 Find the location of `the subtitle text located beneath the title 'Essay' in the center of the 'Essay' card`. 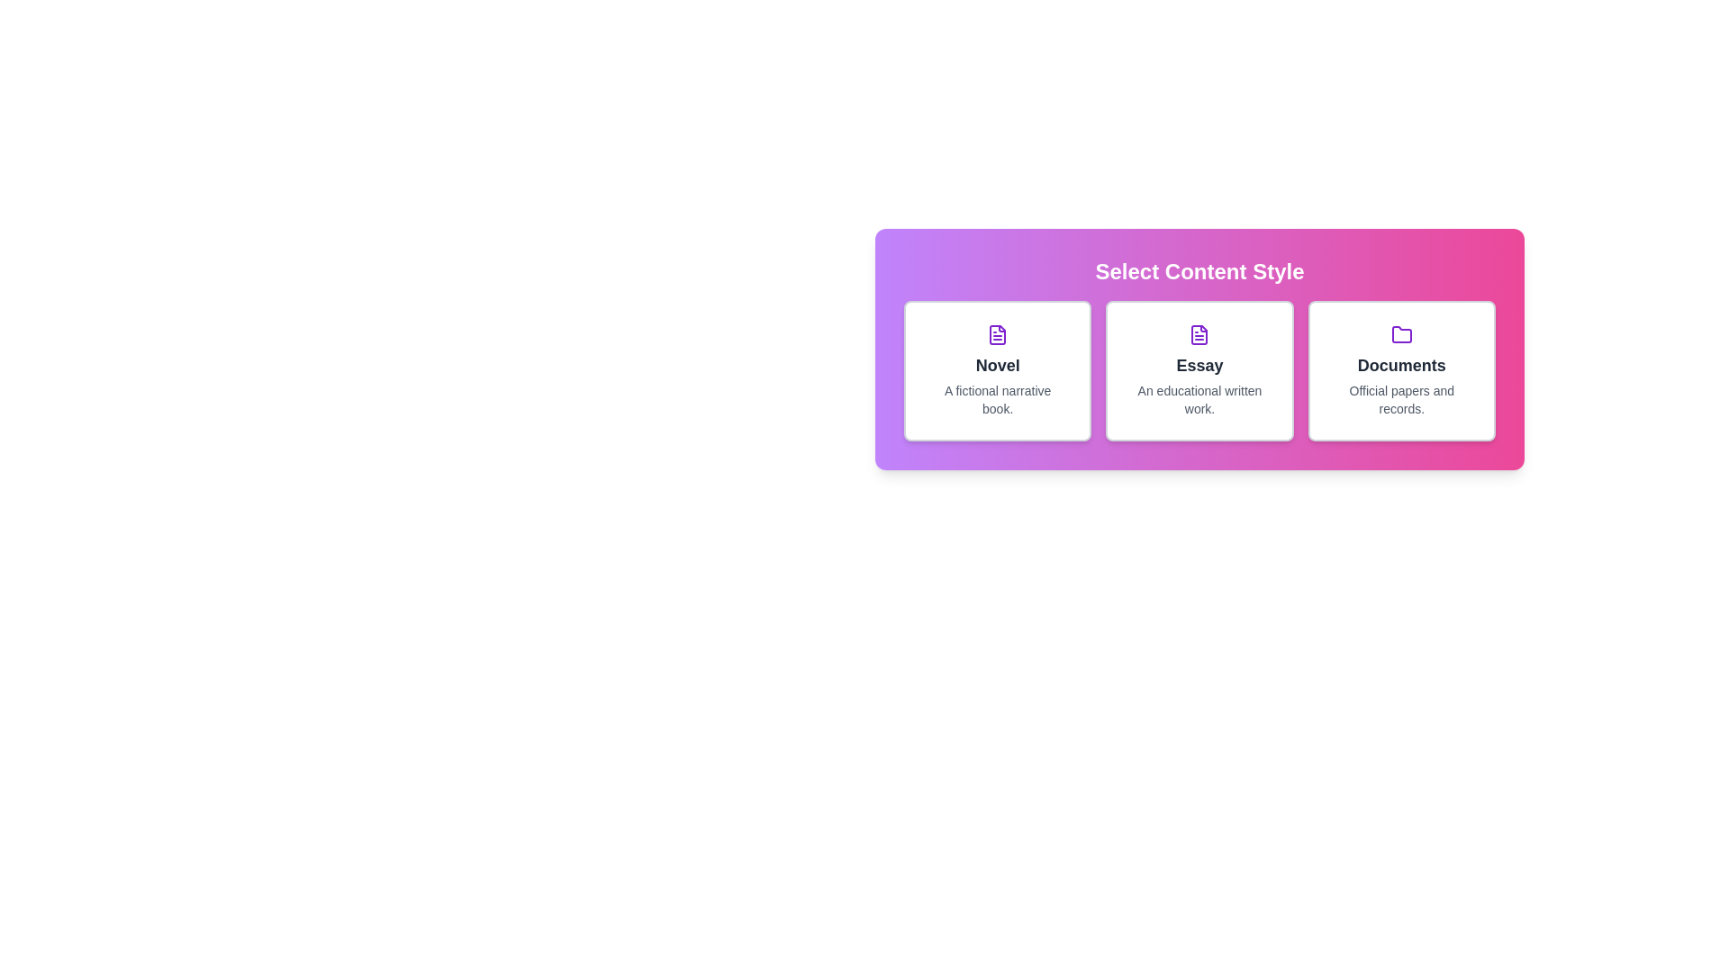

the subtitle text located beneath the title 'Essay' in the center of the 'Essay' card is located at coordinates (1199, 398).